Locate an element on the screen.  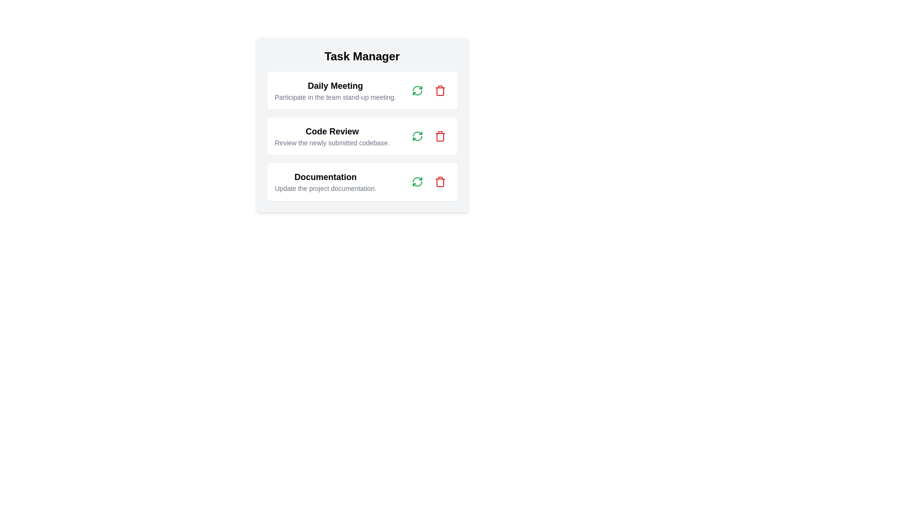
the green circular refresh icon located directly to the right of the 'Review the newly submitted codebase.' text in the second row of the 'Code Review' task list is located at coordinates (417, 136).